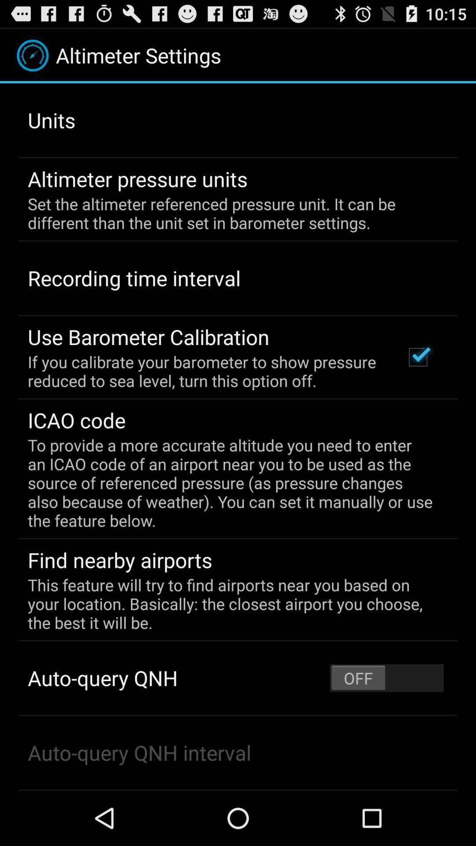 The width and height of the screenshot is (476, 846). I want to click on icon on the right, so click(417, 357).